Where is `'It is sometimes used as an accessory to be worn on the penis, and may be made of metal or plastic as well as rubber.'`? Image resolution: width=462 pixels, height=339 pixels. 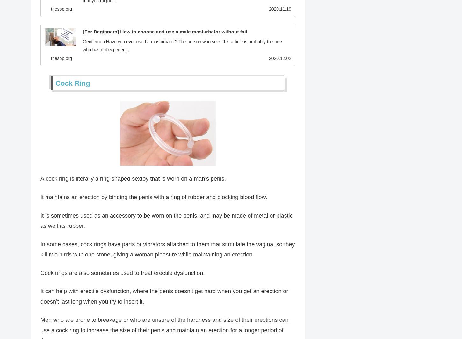 'It is sometimes used as an accessory to be worn on the penis, and may be made of metal or plastic as well as rubber.' is located at coordinates (40, 221).